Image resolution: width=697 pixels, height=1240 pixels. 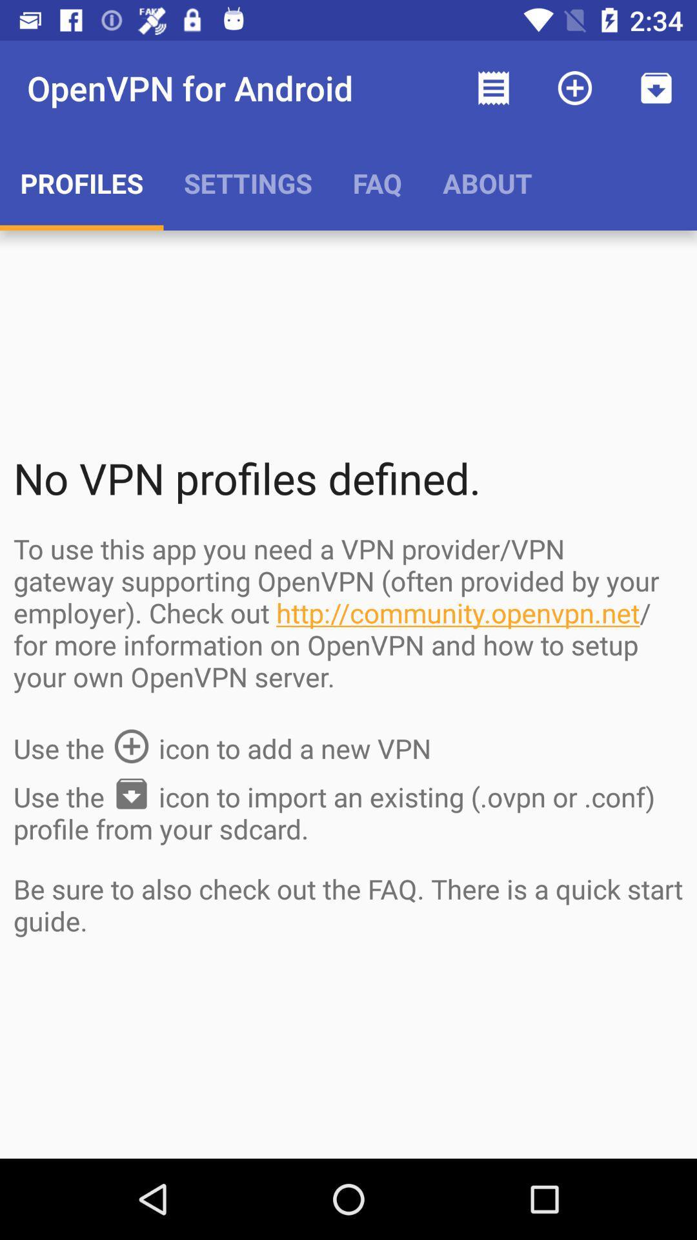 I want to click on item next to faq app, so click(x=487, y=182).